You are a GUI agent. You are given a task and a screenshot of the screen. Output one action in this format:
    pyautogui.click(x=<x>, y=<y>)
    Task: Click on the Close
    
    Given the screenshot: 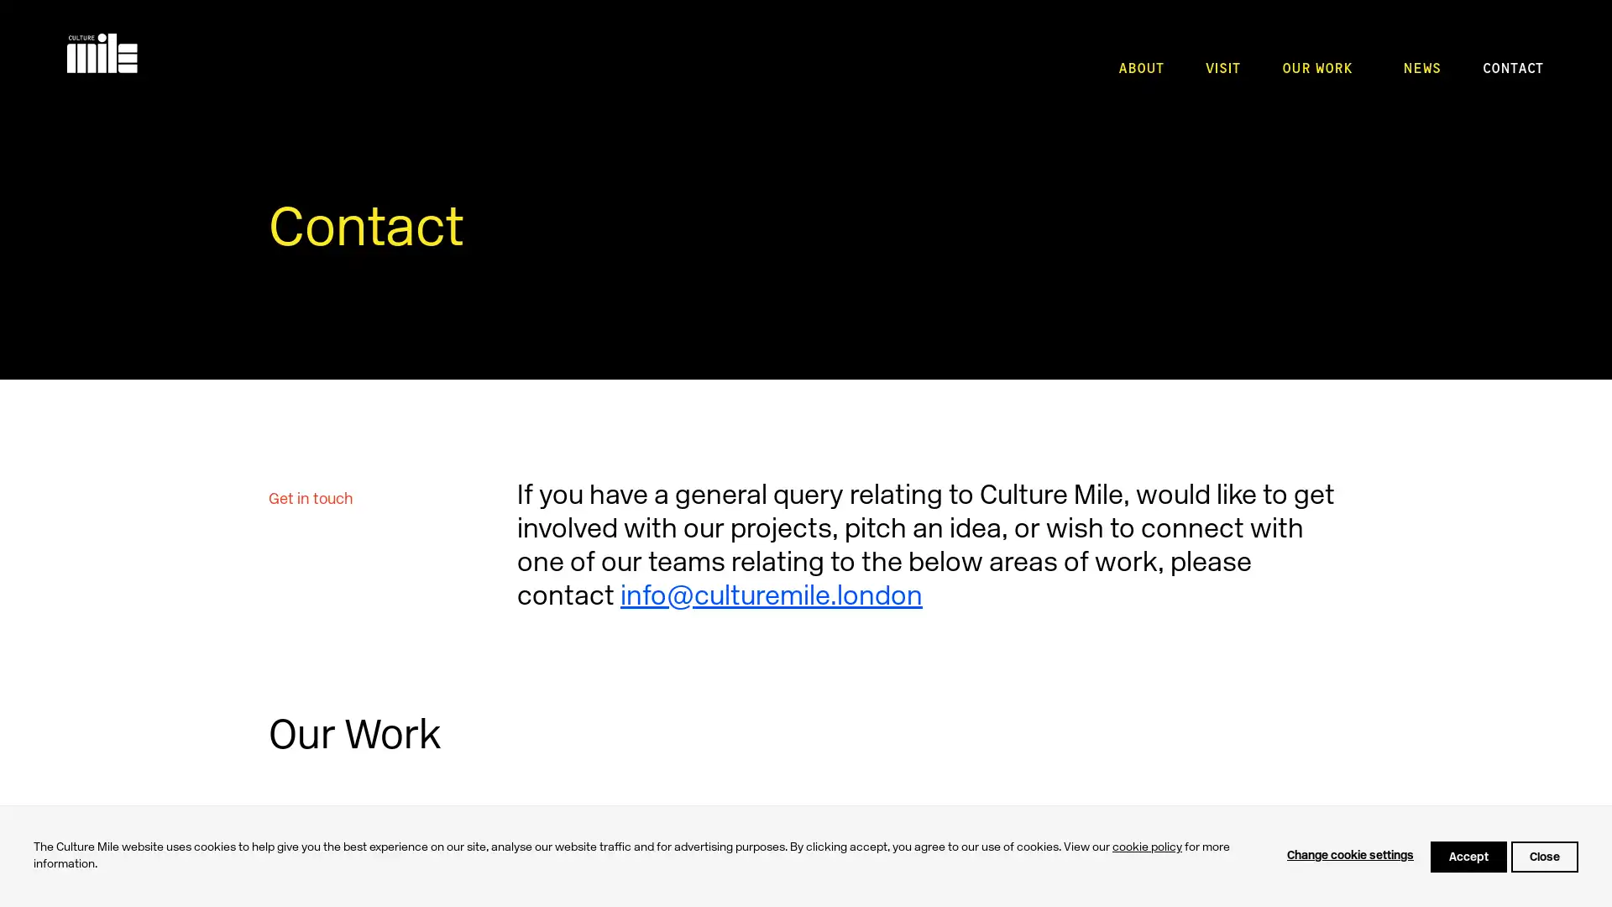 What is the action you would take?
    pyautogui.click(x=1544, y=856)
    